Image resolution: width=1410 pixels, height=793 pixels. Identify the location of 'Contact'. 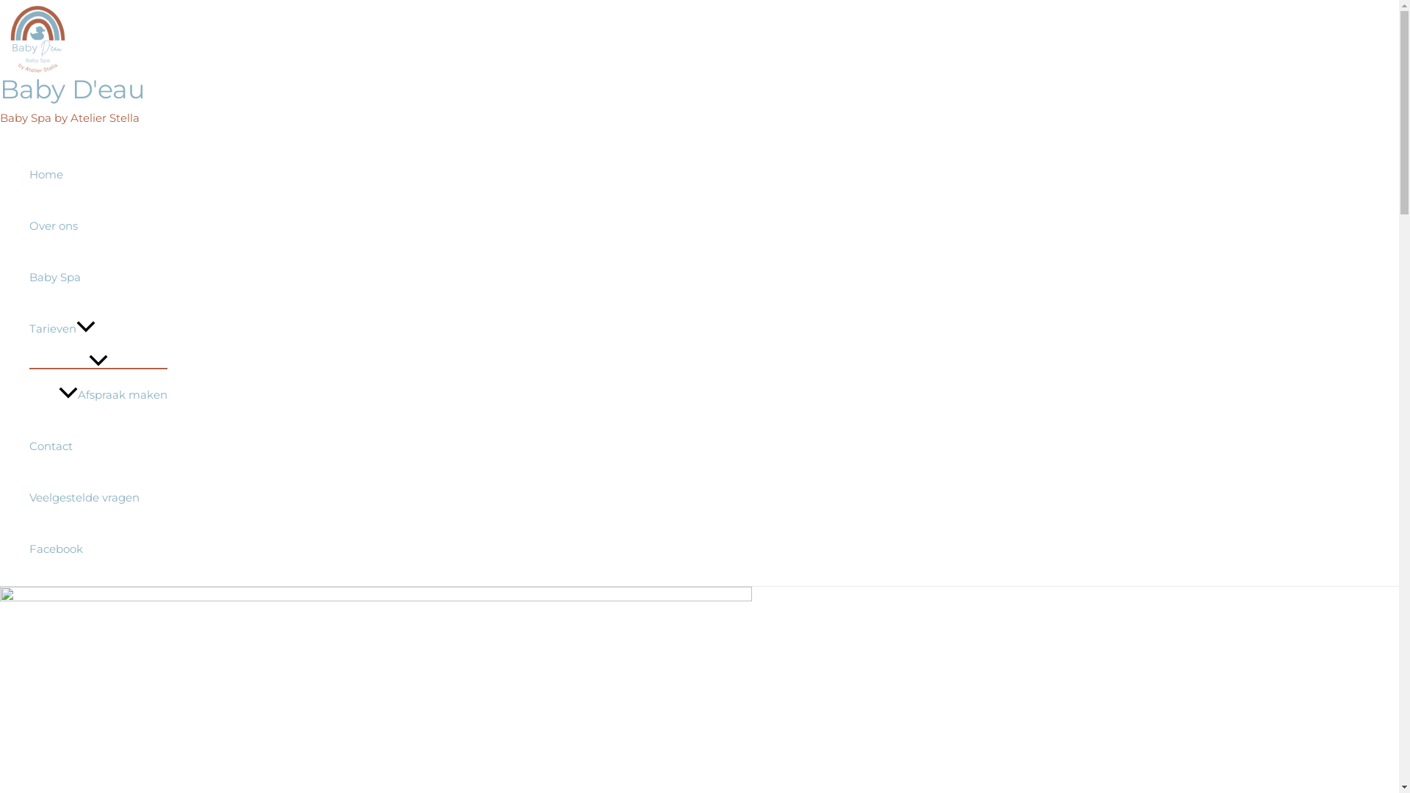
(98, 446).